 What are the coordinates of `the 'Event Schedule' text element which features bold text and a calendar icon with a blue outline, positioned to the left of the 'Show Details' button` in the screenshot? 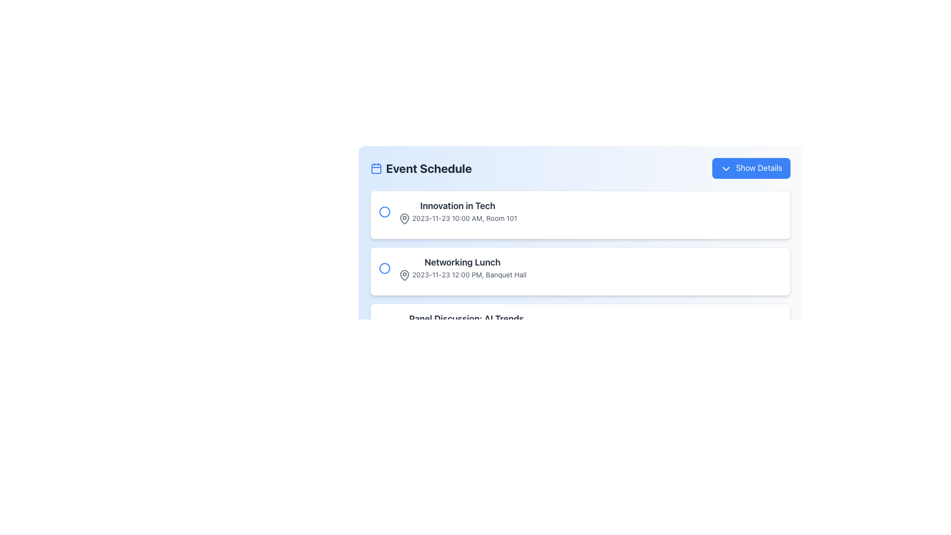 It's located at (421, 167).